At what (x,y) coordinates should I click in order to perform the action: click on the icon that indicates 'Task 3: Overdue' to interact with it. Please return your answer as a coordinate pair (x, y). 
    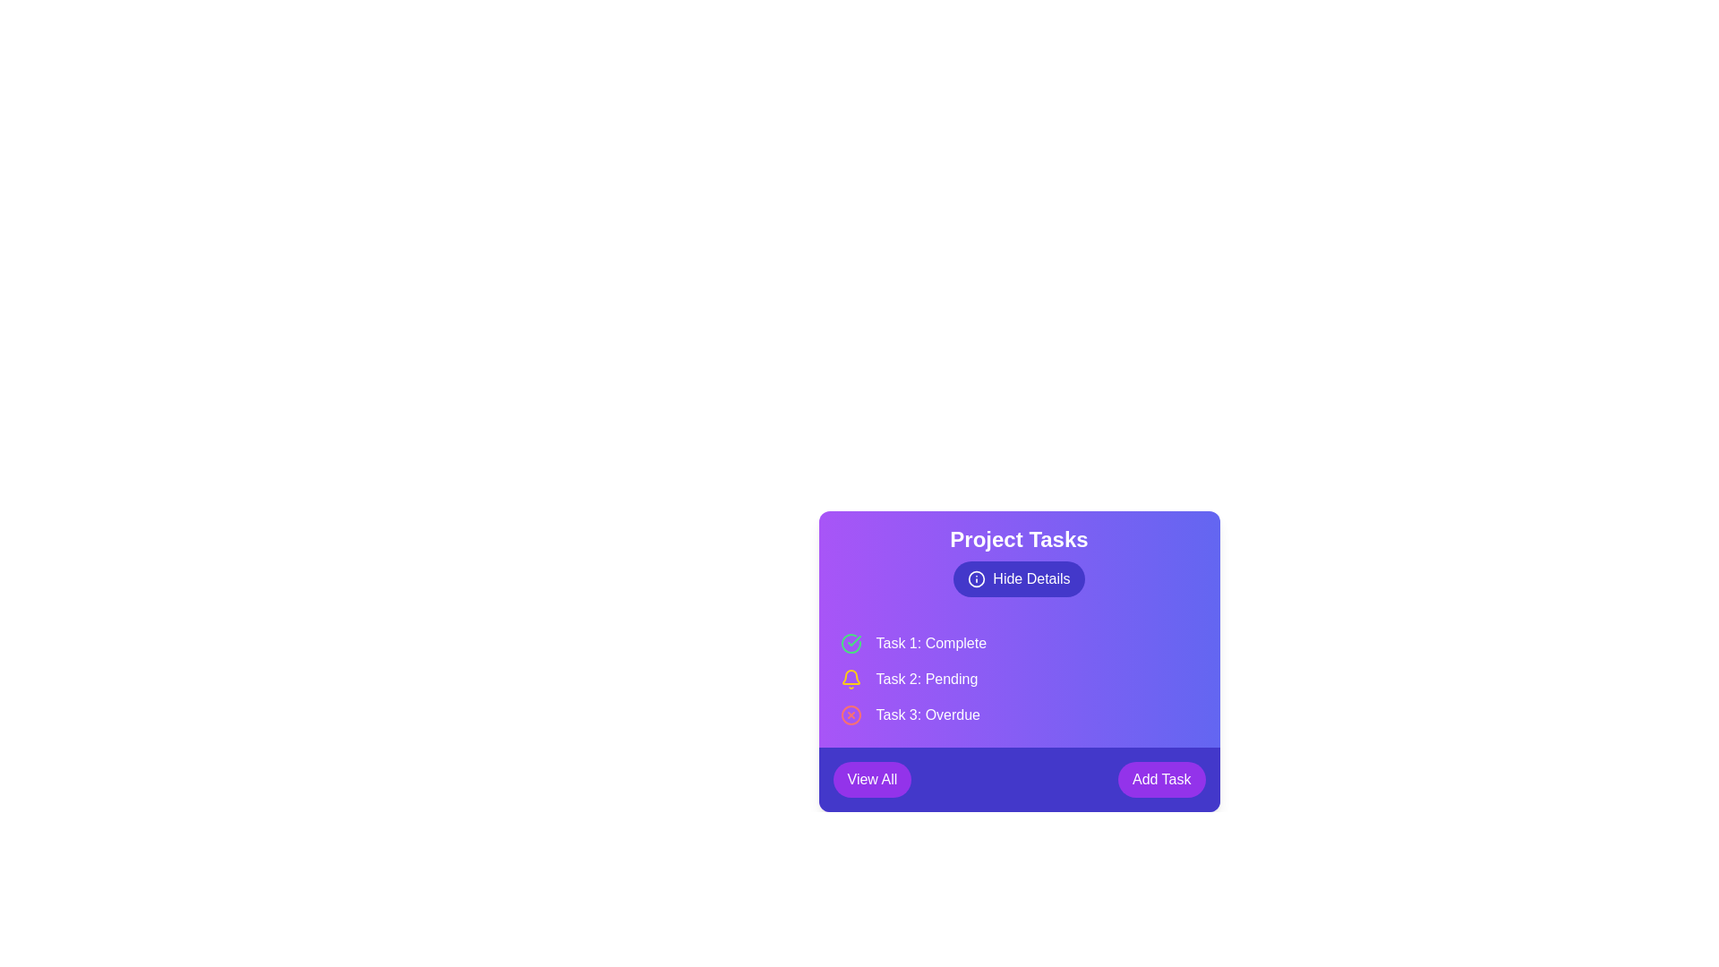
    Looking at the image, I should click on (850, 714).